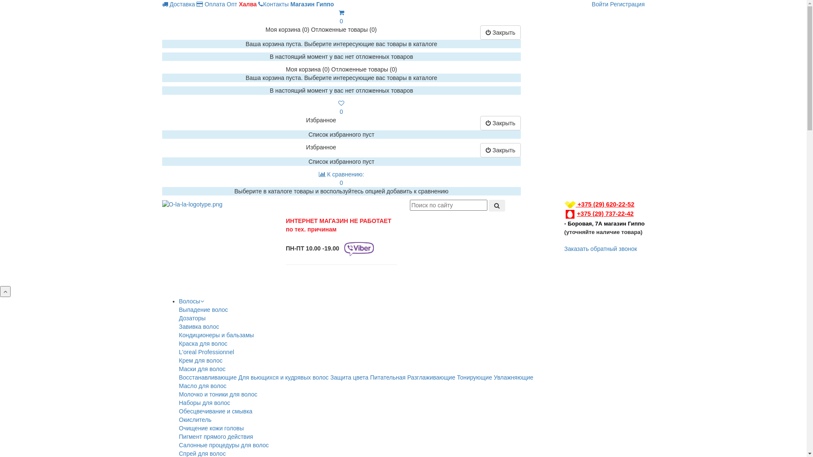  What do you see at coordinates (337, 107) in the screenshot?
I see `'0'` at bounding box center [337, 107].